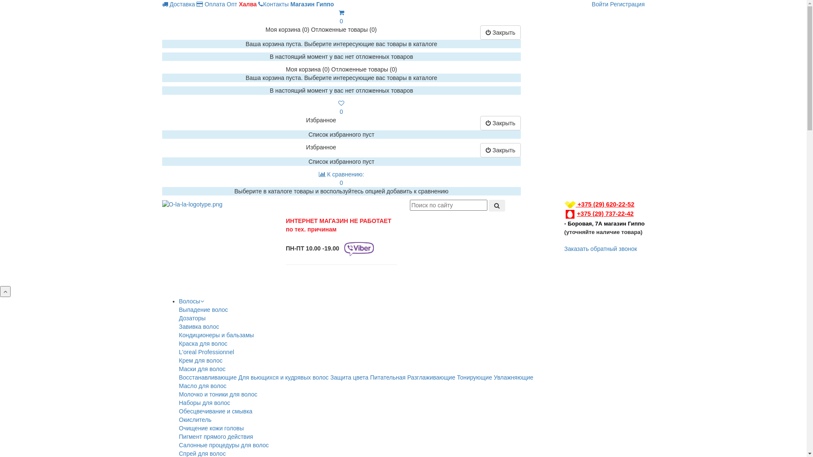  What do you see at coordinates (337, 107) in the screenshot?
I see `'0'` at bounding box center [337, 107].